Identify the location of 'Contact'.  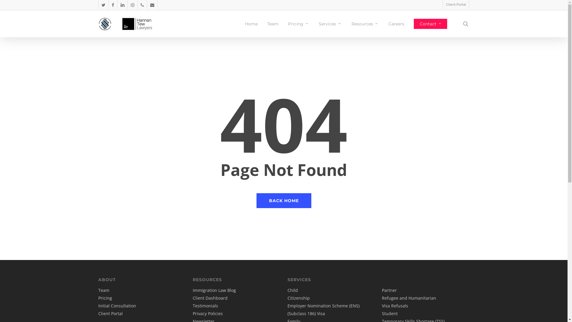
(430, 24).